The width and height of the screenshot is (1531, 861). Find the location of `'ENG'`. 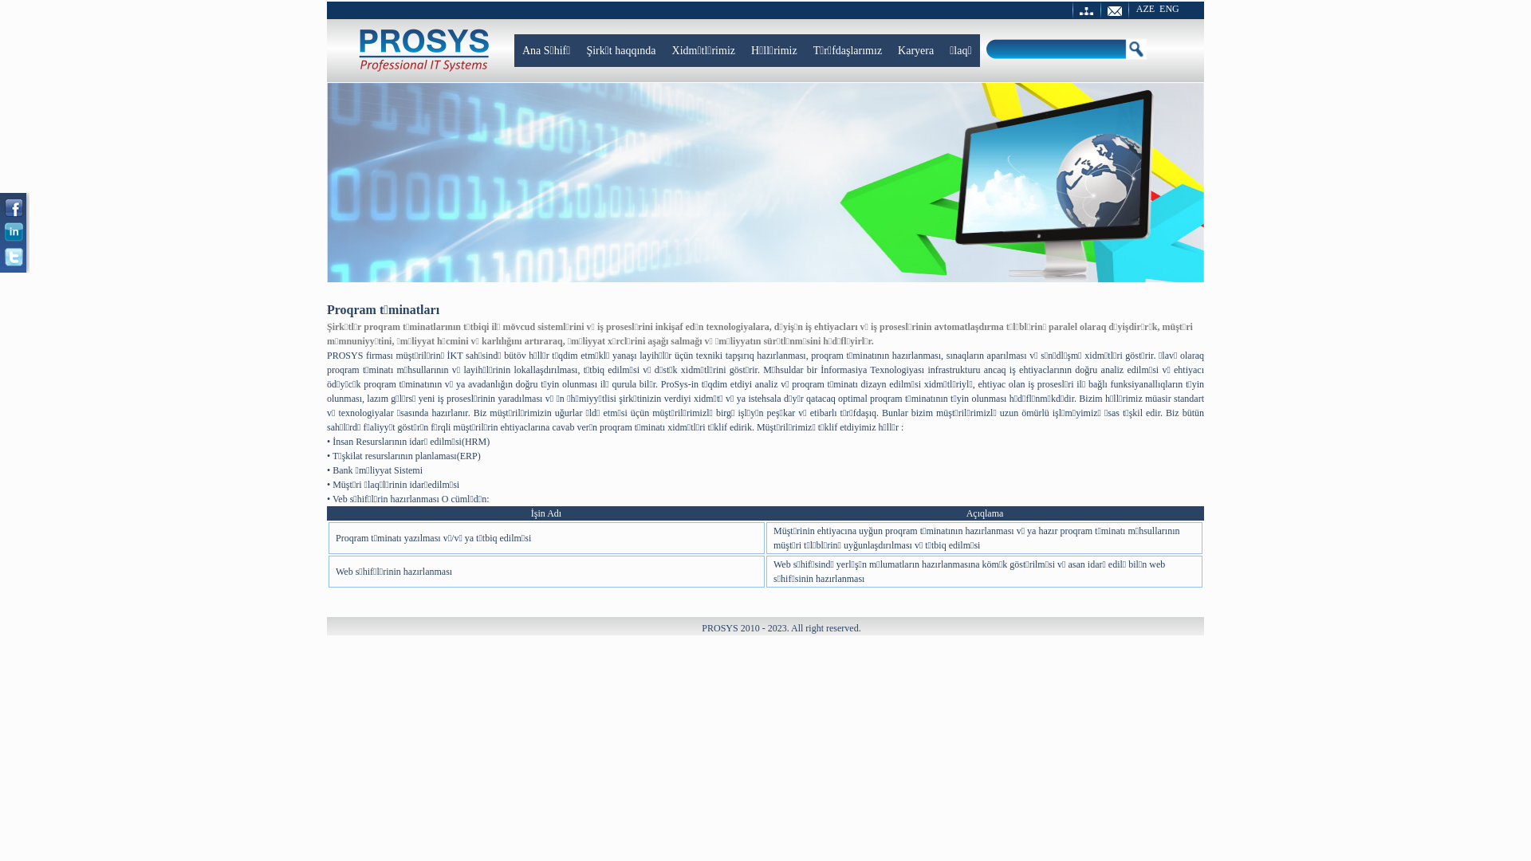

'ENG' is located at coordinates (1159, 9).